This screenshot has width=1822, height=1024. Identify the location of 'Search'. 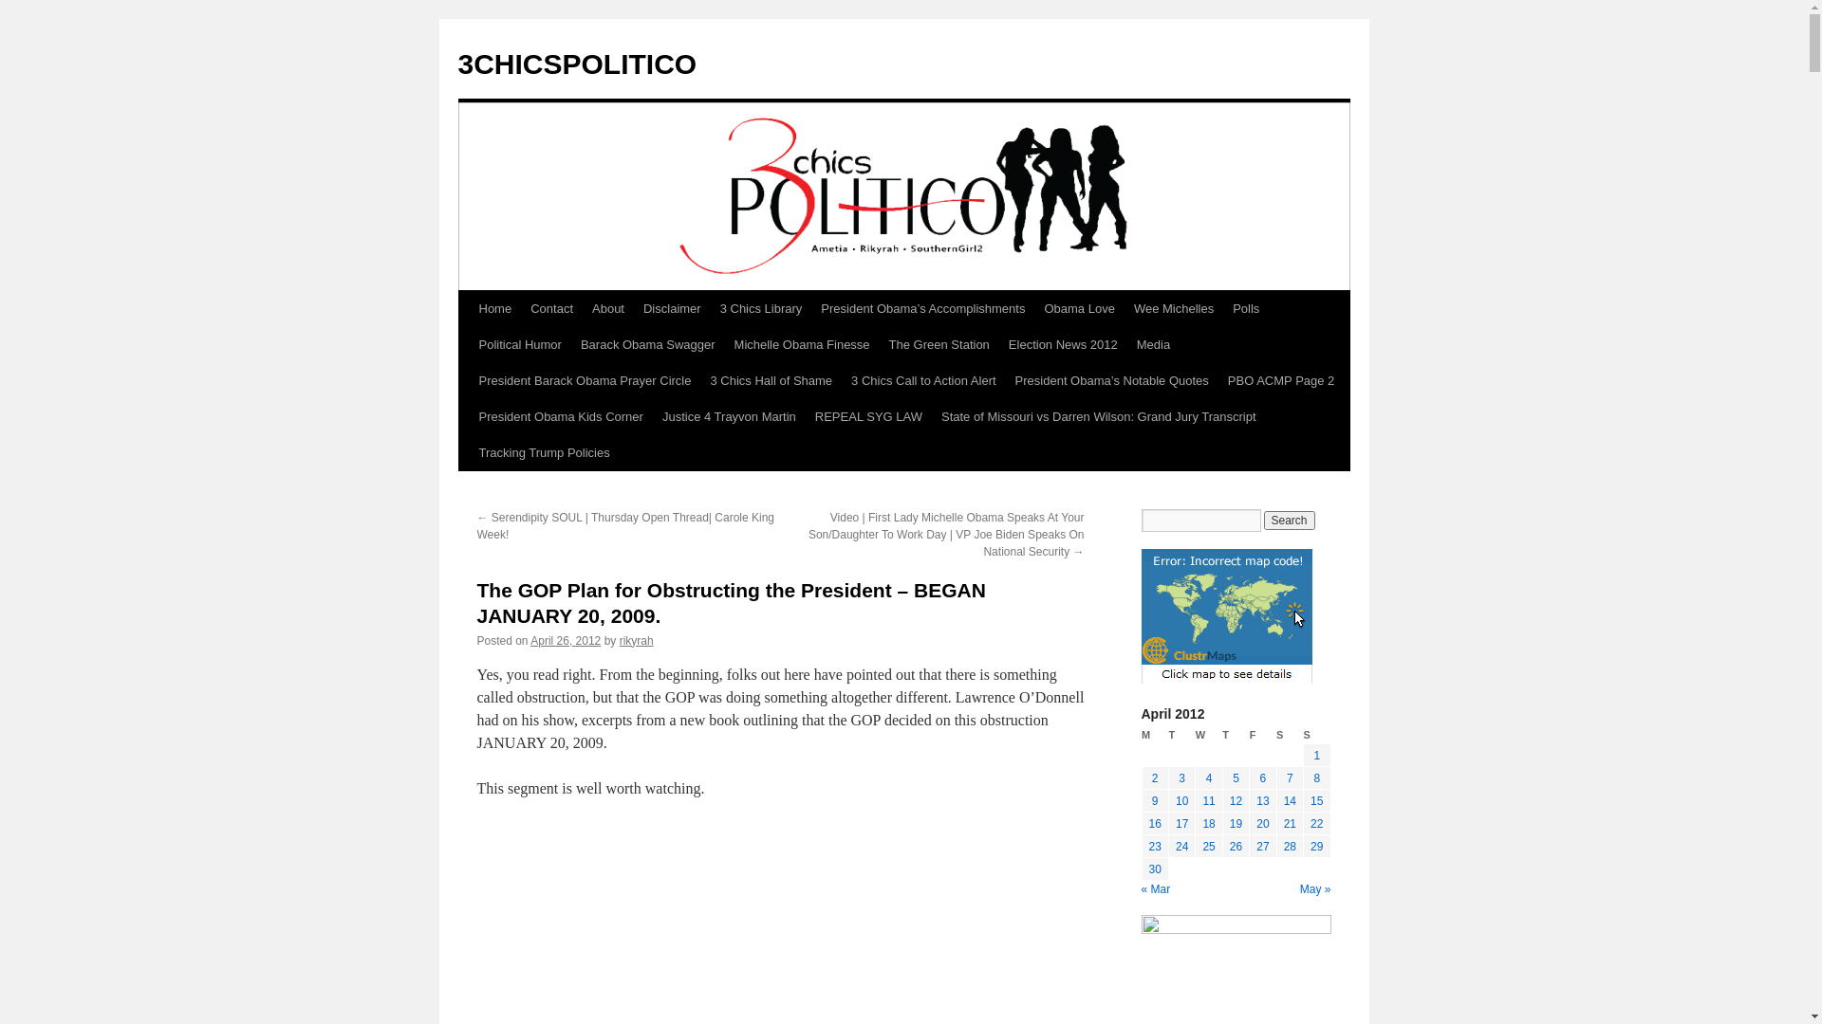
(1289, 520).